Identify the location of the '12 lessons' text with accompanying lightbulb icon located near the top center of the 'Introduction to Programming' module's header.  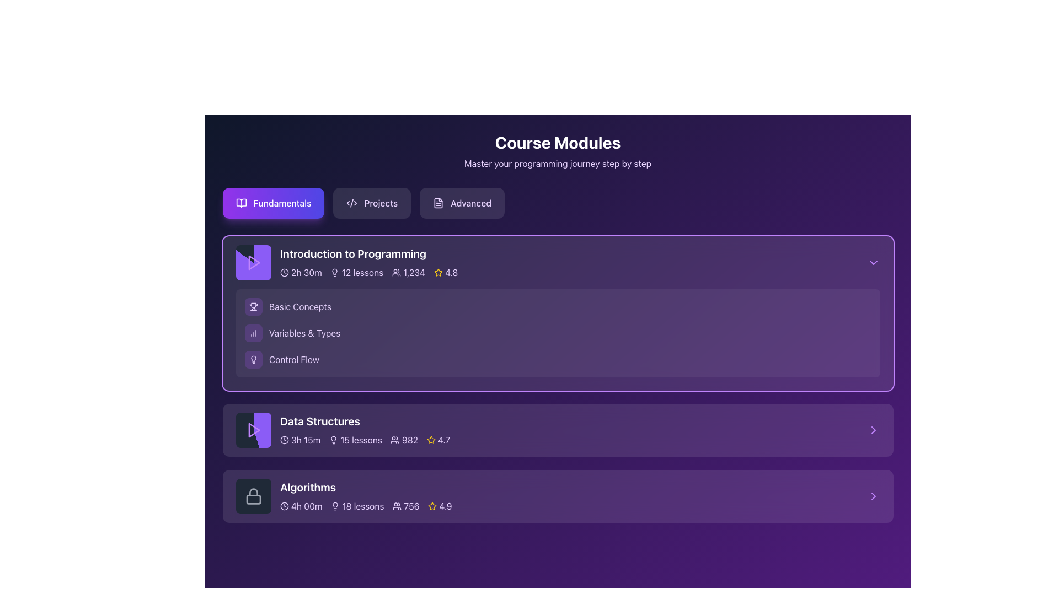
(356, 272).